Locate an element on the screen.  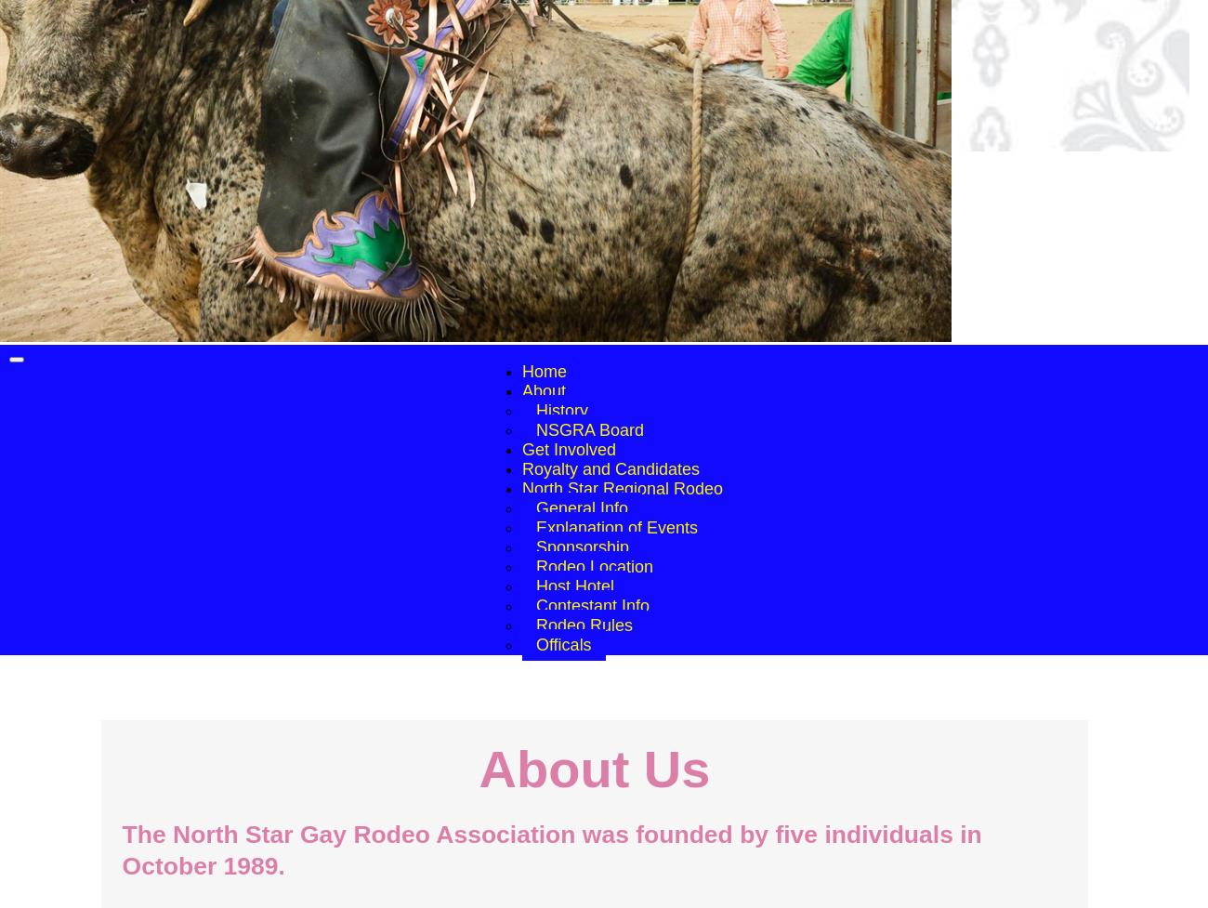
'About' is located at coordinates (542, 390).